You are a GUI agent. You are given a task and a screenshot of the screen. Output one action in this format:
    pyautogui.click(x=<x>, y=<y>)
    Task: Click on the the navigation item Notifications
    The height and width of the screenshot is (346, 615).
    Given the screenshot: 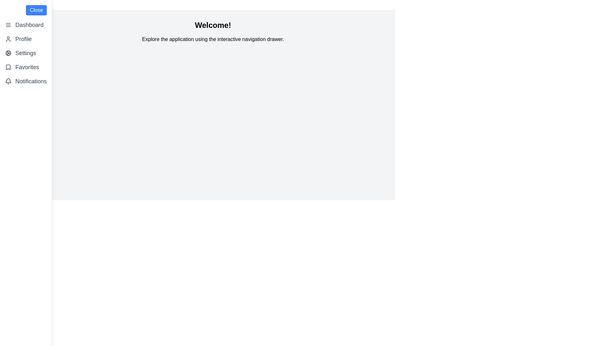 What is the action you would take?
    pyautogui.click(x=26, y=81)
    